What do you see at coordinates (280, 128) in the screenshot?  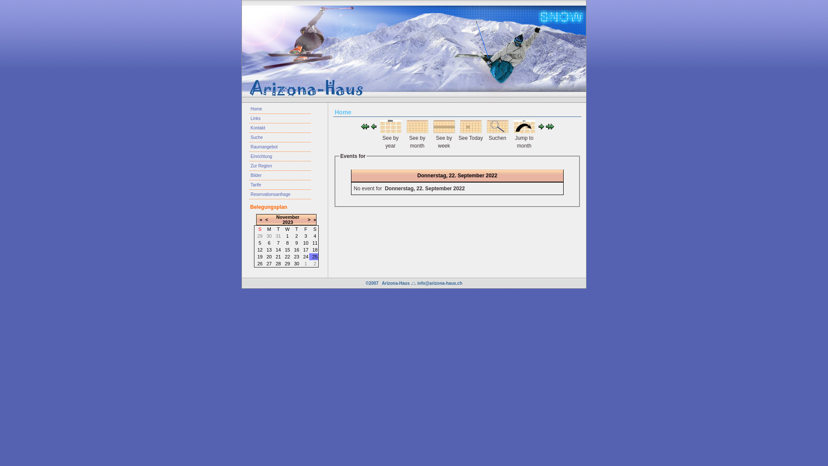 I see `'Kontakt'` at bounding box center [280, 128].